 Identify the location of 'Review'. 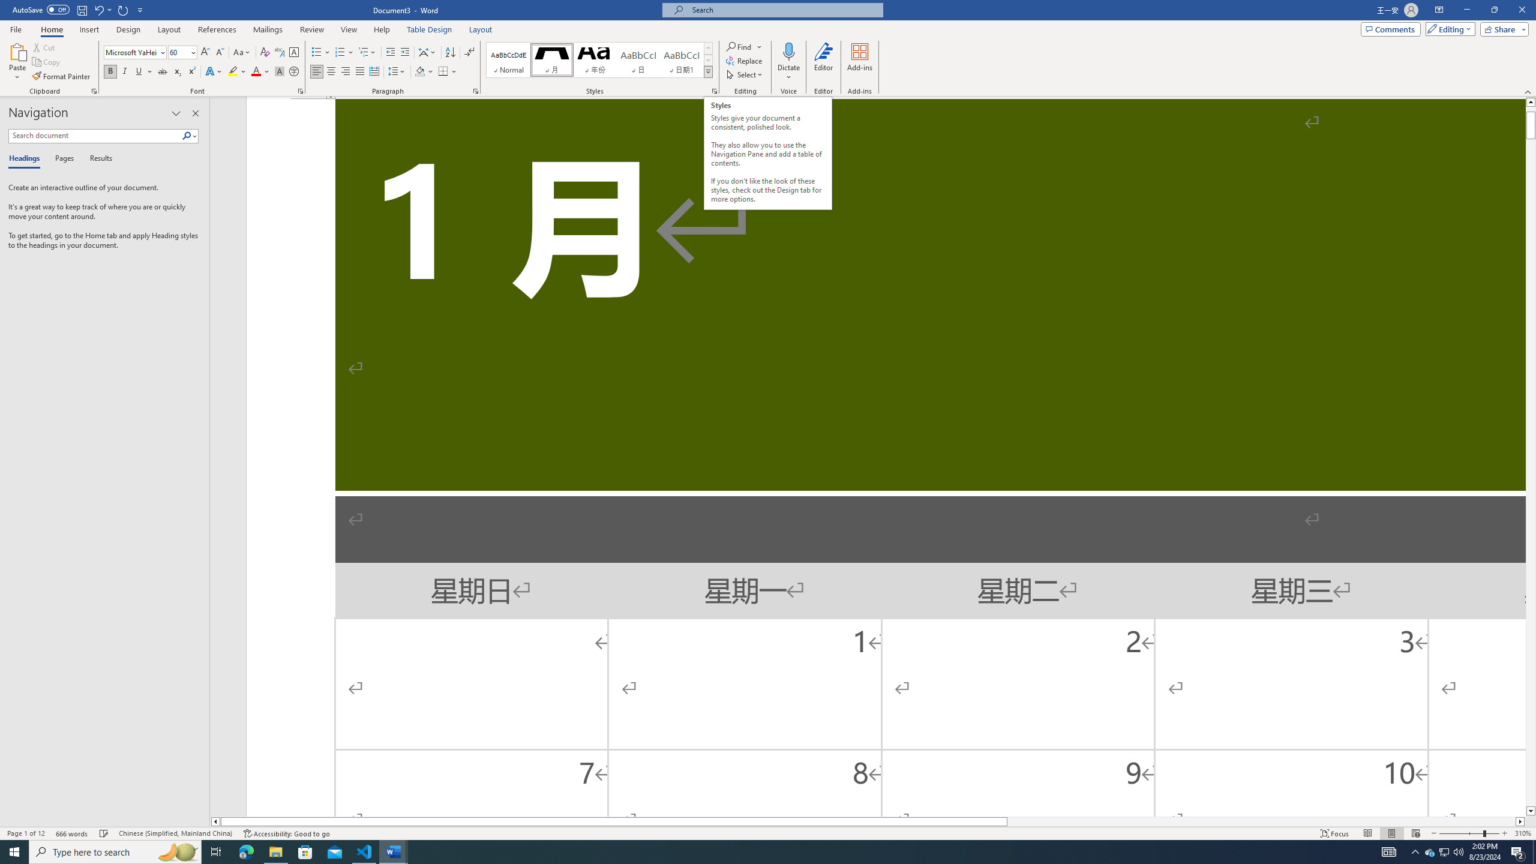
(311, 29).